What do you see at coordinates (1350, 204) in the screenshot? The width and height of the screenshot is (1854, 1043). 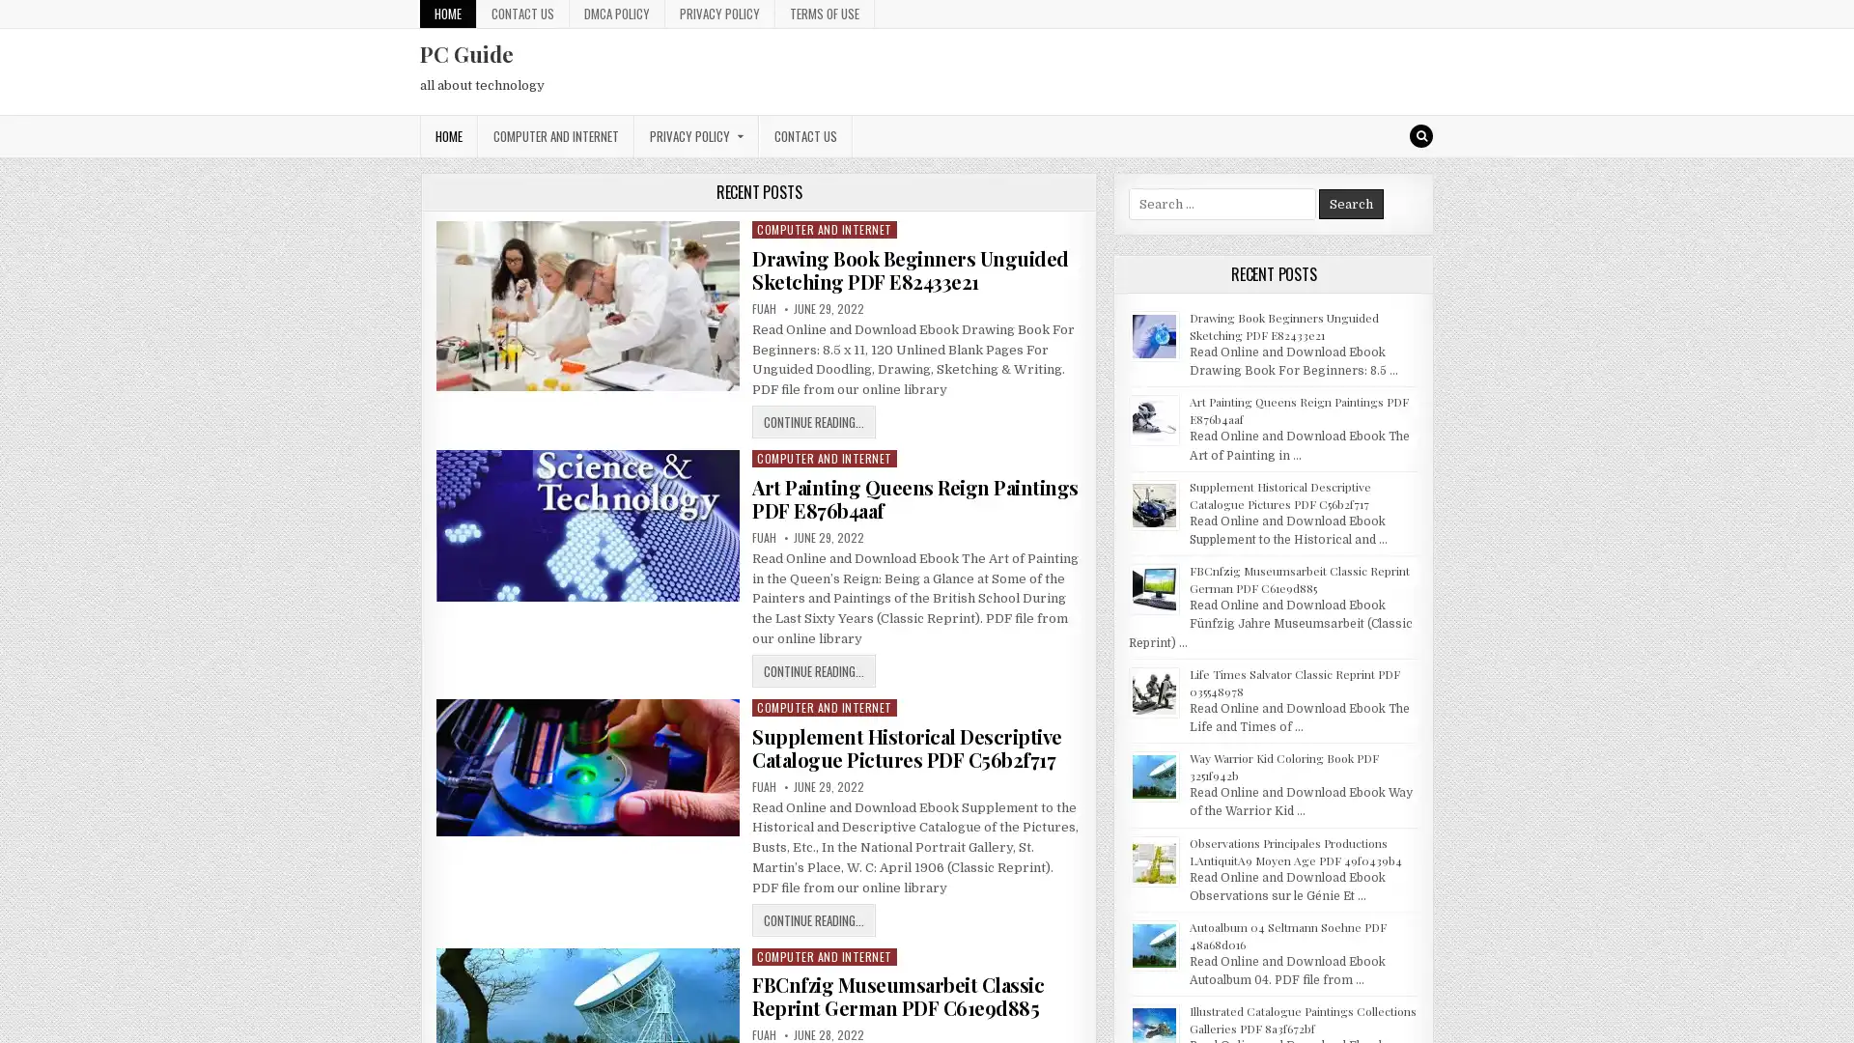 I see `Search` at bounding box center [1350, 204].